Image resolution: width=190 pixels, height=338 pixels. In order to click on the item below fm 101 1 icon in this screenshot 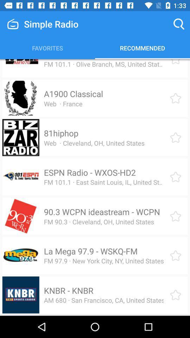, I will do `click(73, 93)`.